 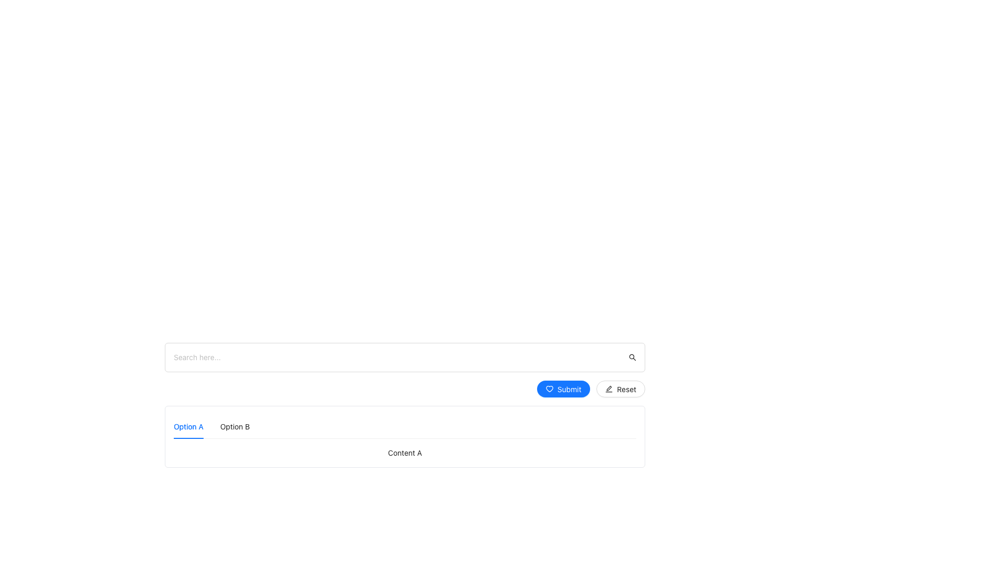 What do you see at coordinates (621, 388) in the screenshot?
I see `the reset button located to the right of the blue 'Submit' button` at bounding box center [621, 388].